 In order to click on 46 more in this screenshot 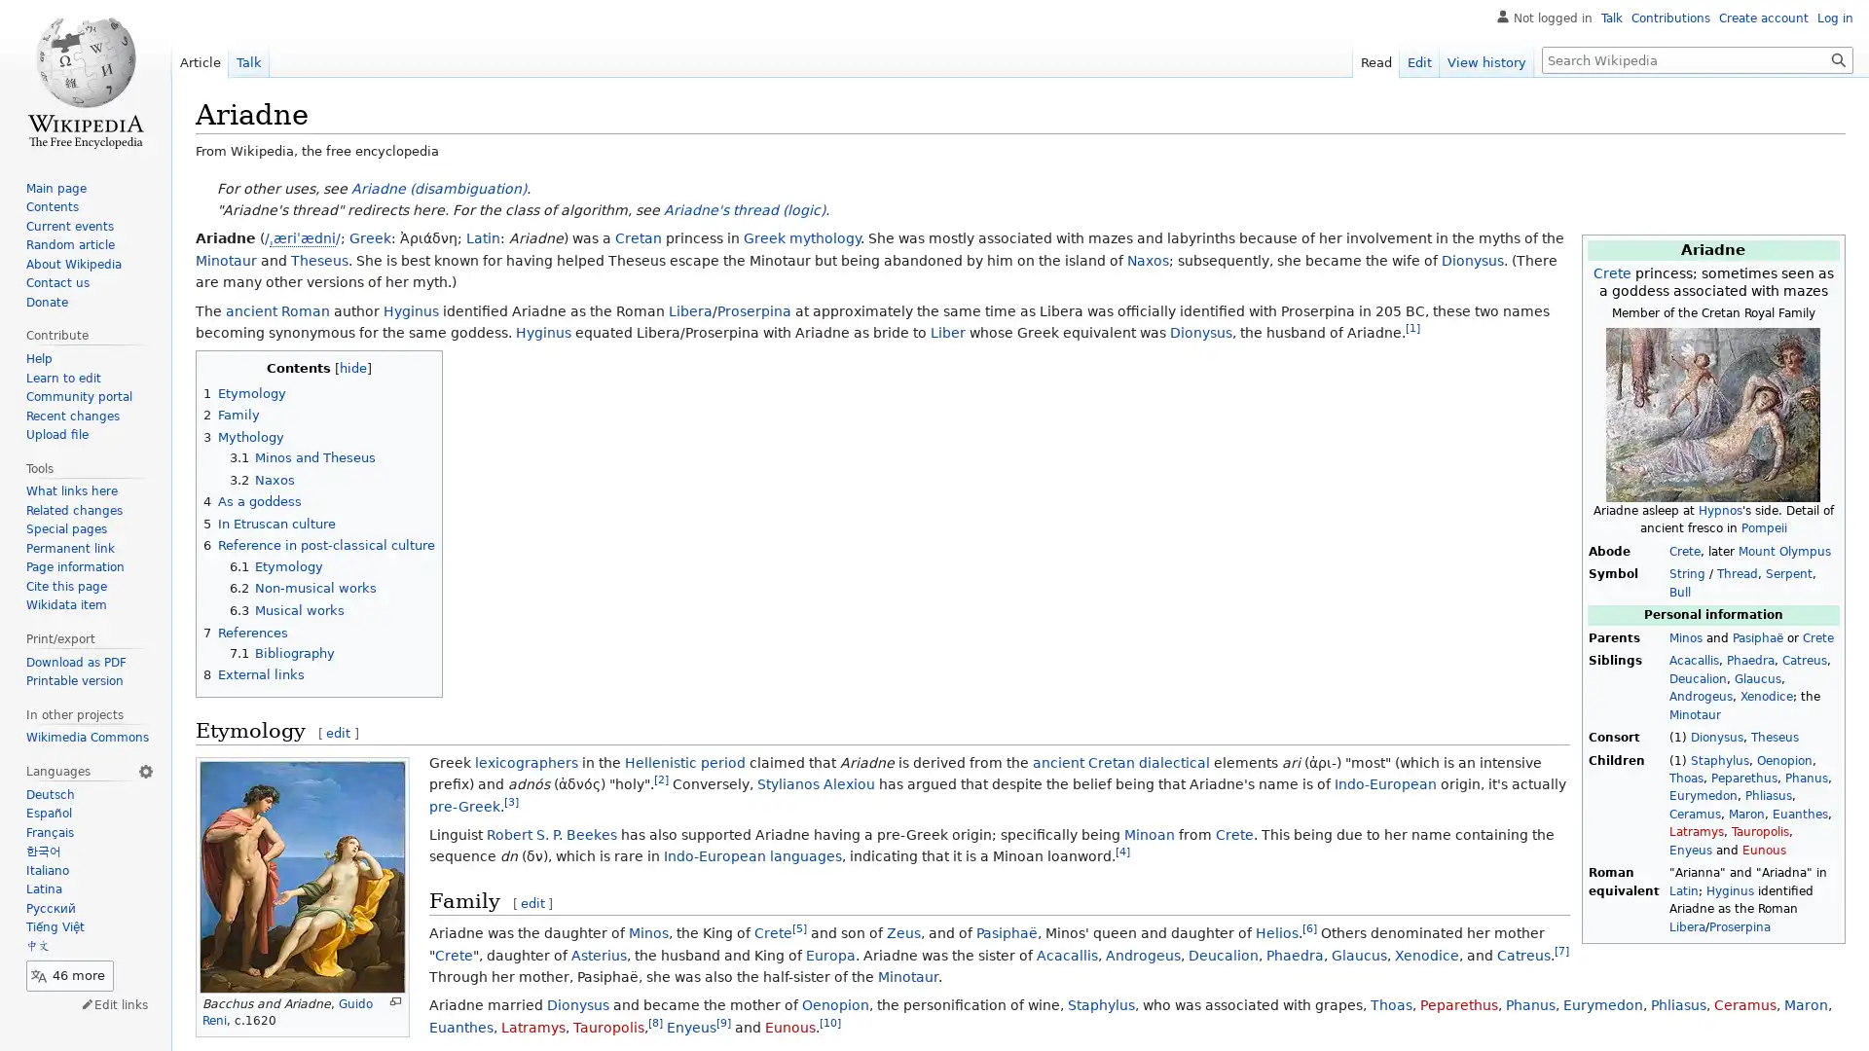, I will do `click(70, 975)`.